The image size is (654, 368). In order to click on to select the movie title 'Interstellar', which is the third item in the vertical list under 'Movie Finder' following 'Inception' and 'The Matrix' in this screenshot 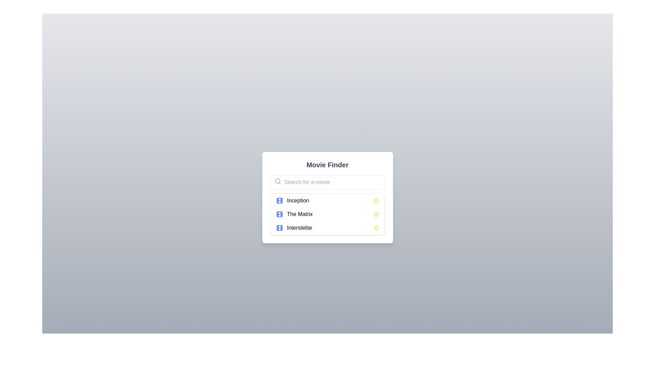, I will do `click(299, 228)`.